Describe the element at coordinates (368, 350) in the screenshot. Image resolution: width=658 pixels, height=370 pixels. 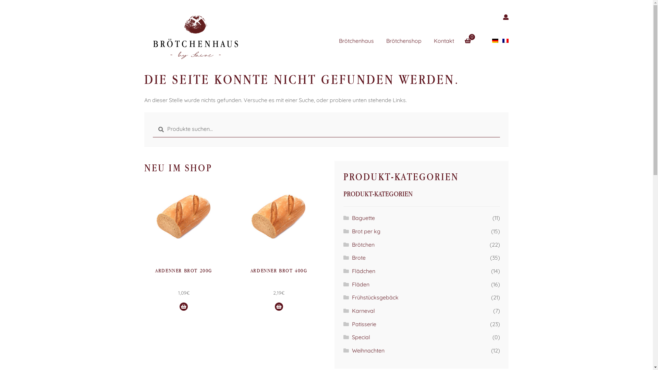
I see `'Weihnachten'` at that location.